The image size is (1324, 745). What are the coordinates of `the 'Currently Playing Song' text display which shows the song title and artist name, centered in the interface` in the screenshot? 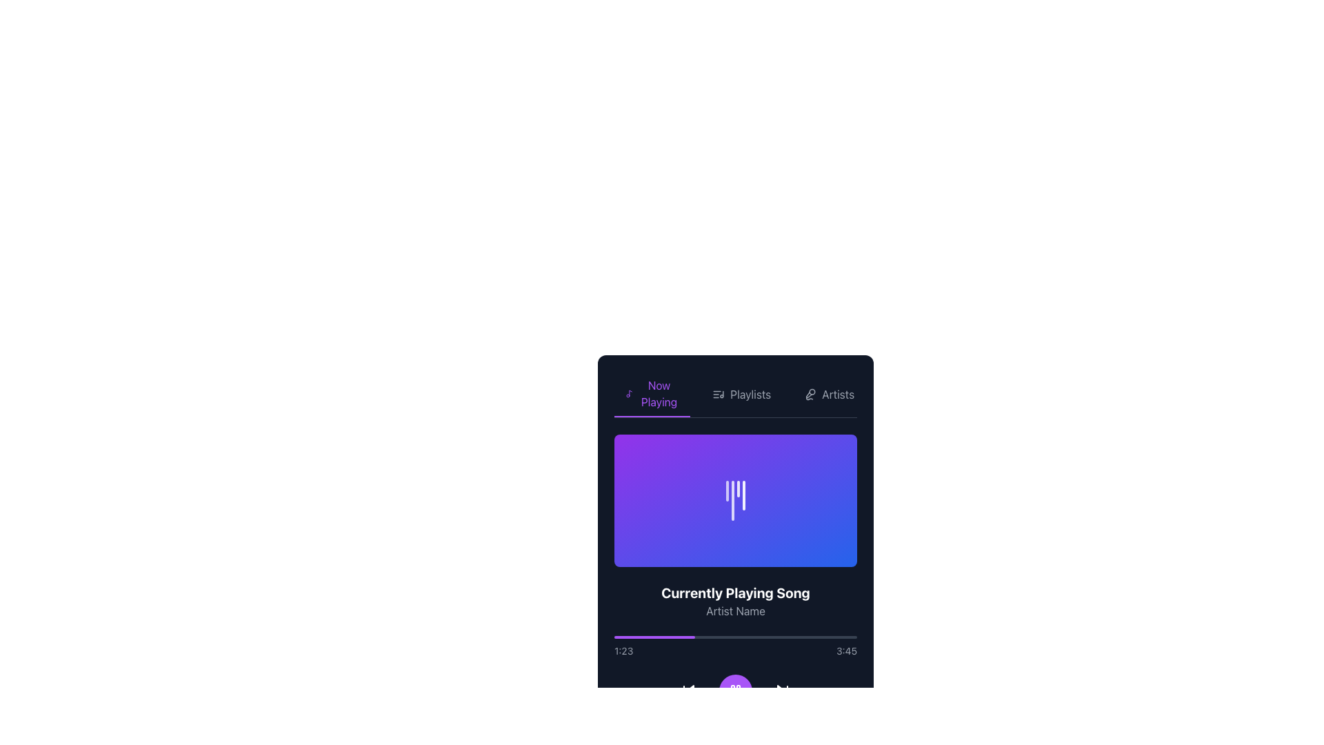 It's located at (734, 600).